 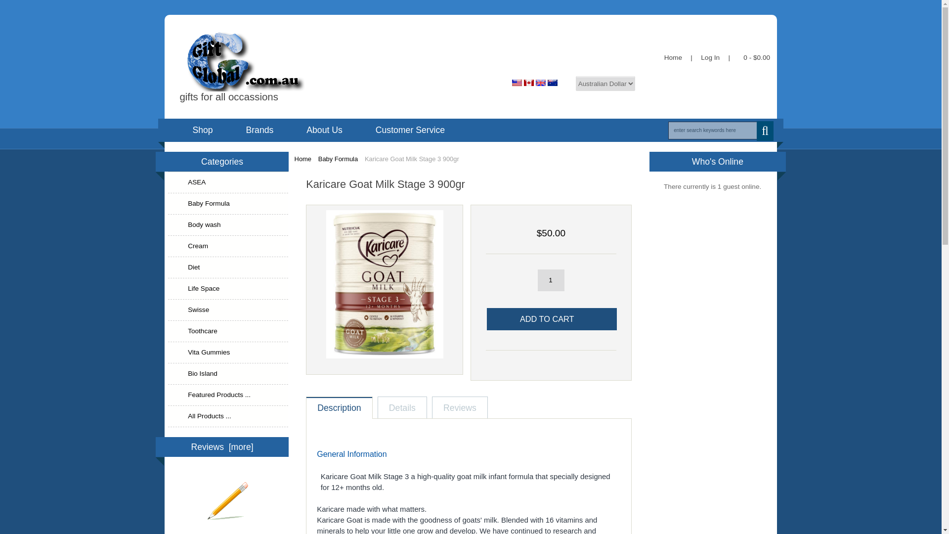 I want to click on 'Brands', so click(x=259, y=129).